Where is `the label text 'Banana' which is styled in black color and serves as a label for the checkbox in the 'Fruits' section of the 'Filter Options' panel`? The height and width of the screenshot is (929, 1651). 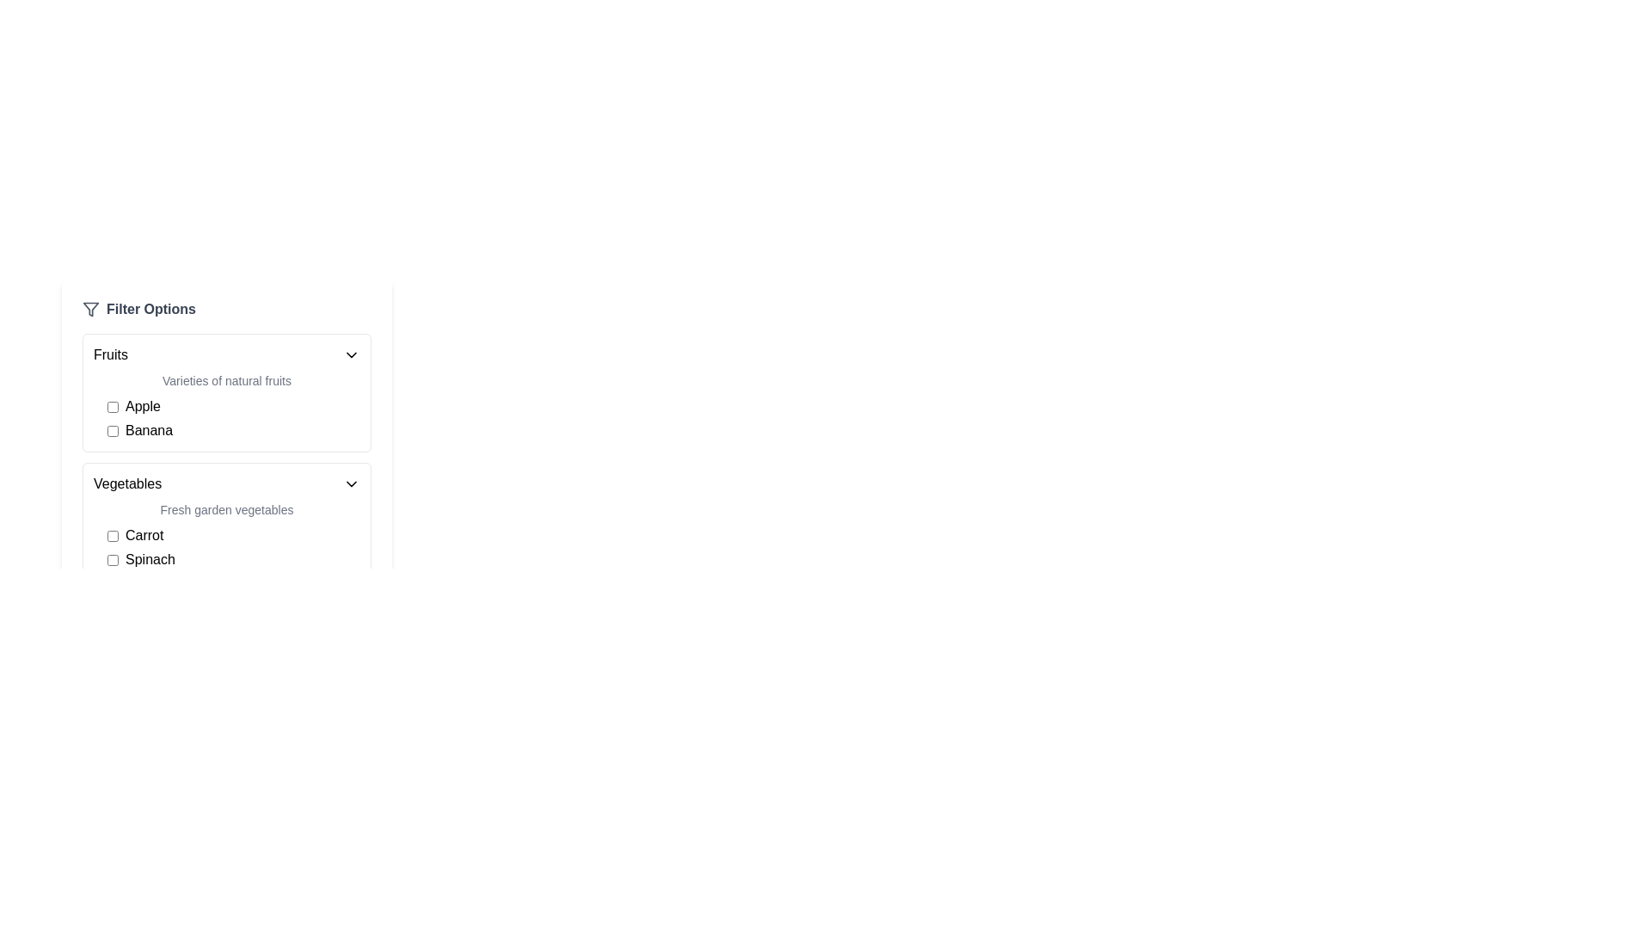
the label text 'Banana' which is styled in black color and serves as a label for the checkbox in the 'Fruits' section of the 'Filter Options' panel is located at coordinates (149, 430).